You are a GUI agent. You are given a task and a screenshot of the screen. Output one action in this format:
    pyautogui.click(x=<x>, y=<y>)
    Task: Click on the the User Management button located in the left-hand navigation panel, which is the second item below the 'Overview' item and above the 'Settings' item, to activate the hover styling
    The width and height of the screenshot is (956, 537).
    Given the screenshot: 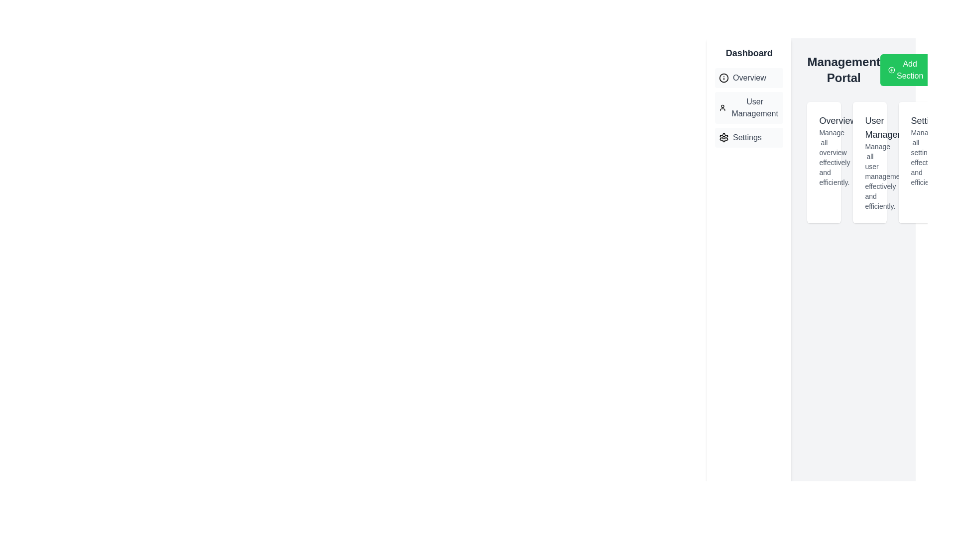 What is the action you would take?
    pyautogui.click(x=749, y=107)
    